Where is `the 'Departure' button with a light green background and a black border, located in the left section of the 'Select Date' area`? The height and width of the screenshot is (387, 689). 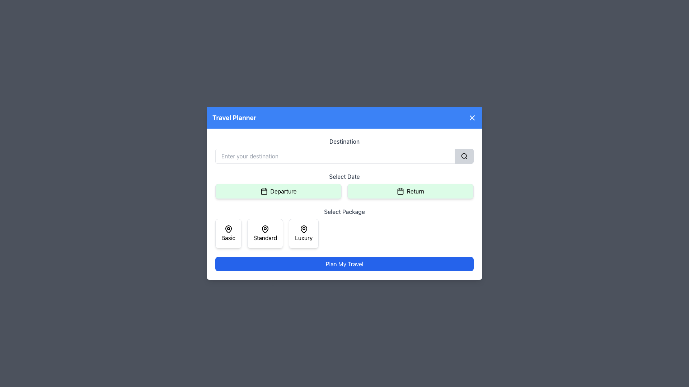 the 'Departure' button with a light green background and a black border, located in the left section of the 'Select Date' area is located at coordinates (278, 191).